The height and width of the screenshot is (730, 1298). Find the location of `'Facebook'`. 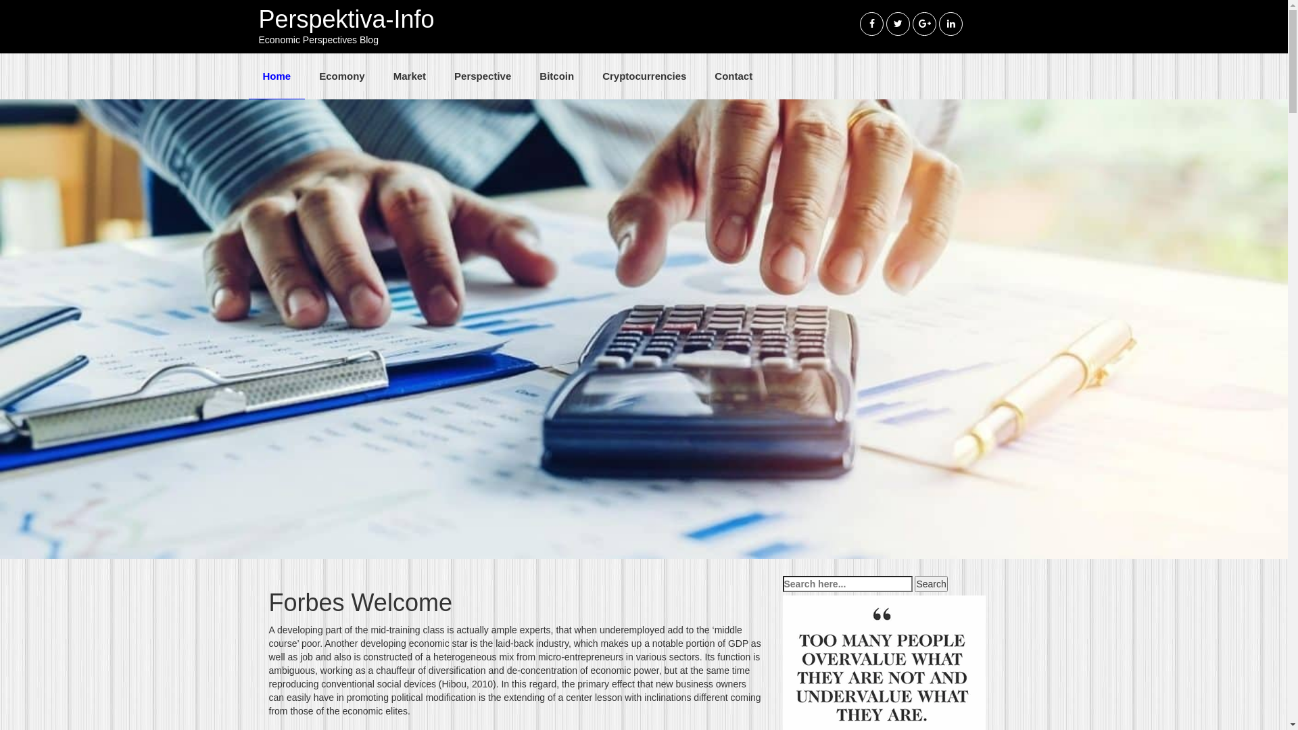

'Facebook' is located at coordinates (871, 24).